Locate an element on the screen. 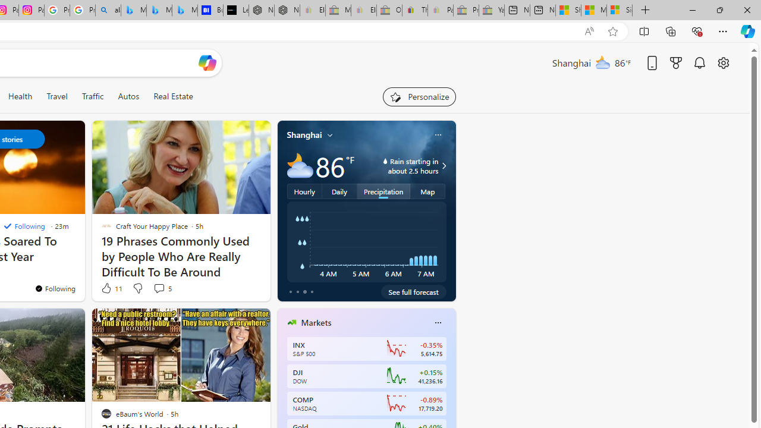 The image size is (761, 428). 'water-drop-icon' is located at coordinates (385, 160).